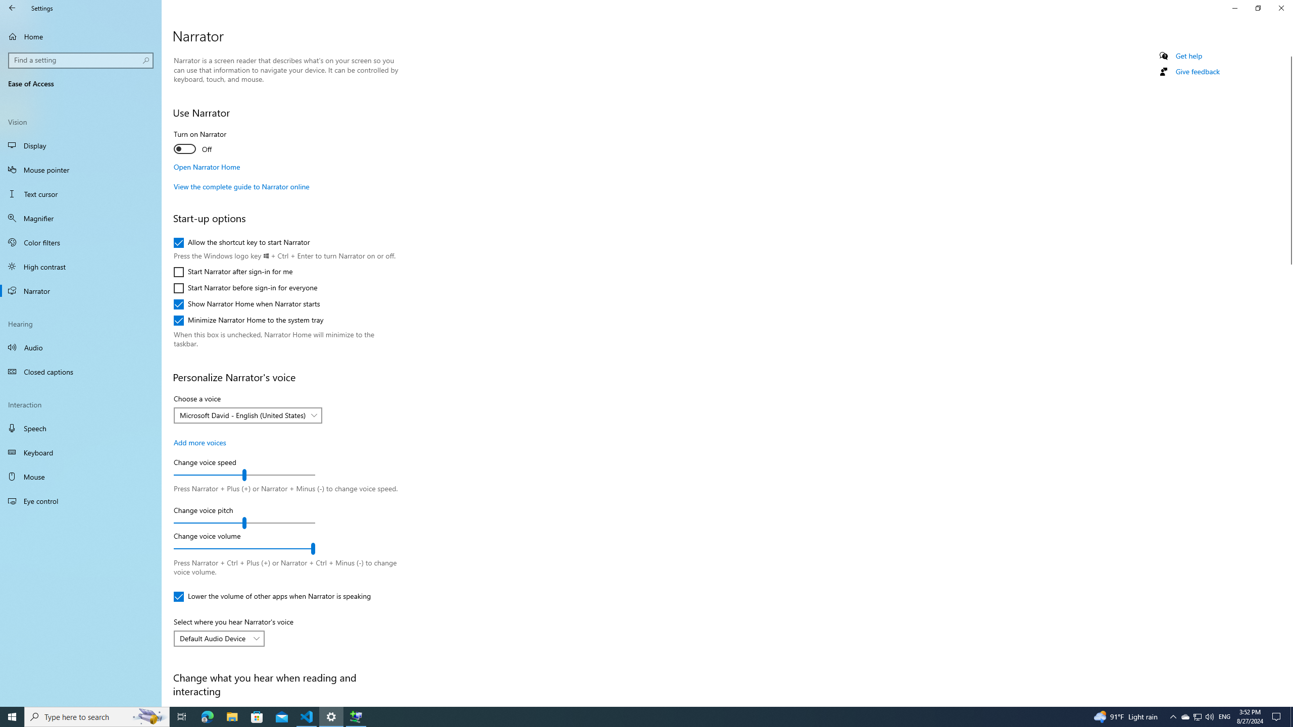  What do you see at coordinates (1288, 52) in the screenshot?
I see `'Vertical Small Decrease'` at bounding box center [1288, 52].